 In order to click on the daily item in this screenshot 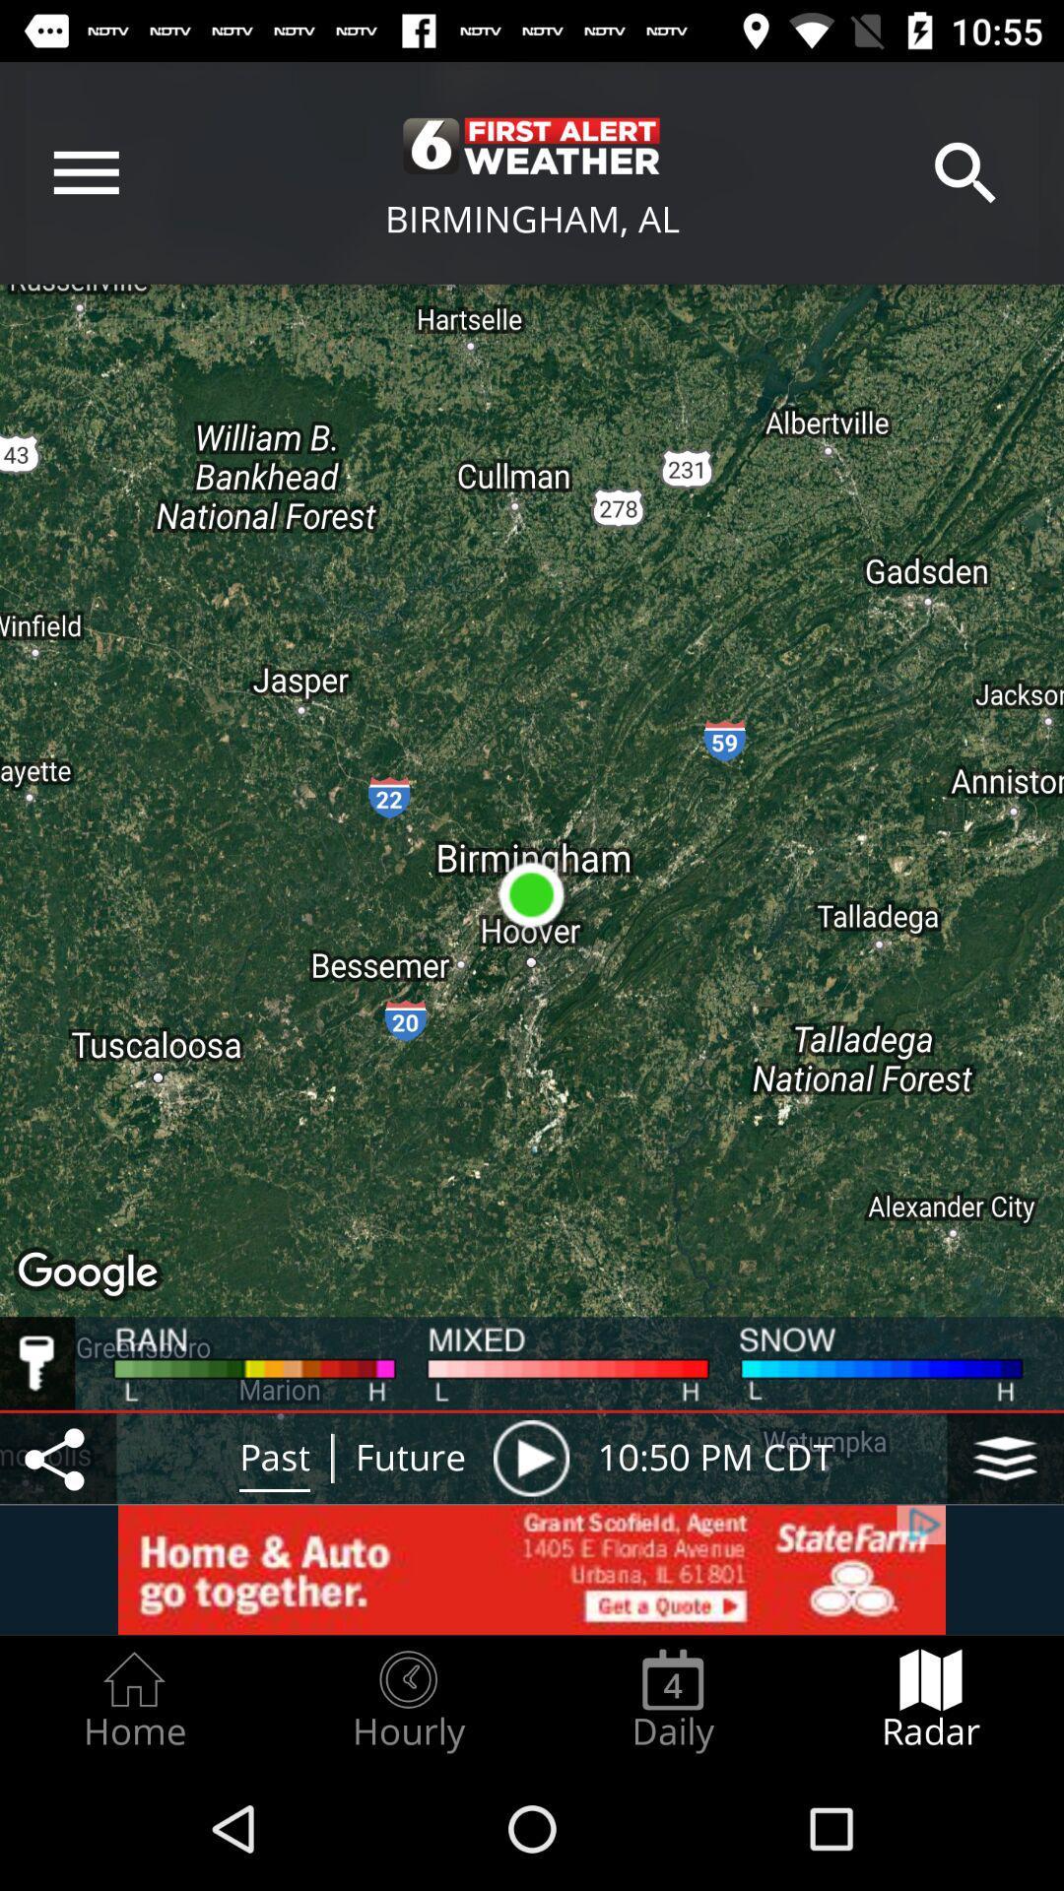, I will do `click(672, 1700)`.